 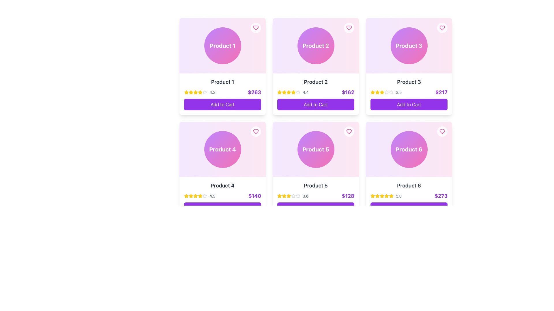 I want to click on the button located at the bottom of the card layout for 'Product 2', which is directly below the price '$162', to trigger the hover effect, so click(x=315, y=104).